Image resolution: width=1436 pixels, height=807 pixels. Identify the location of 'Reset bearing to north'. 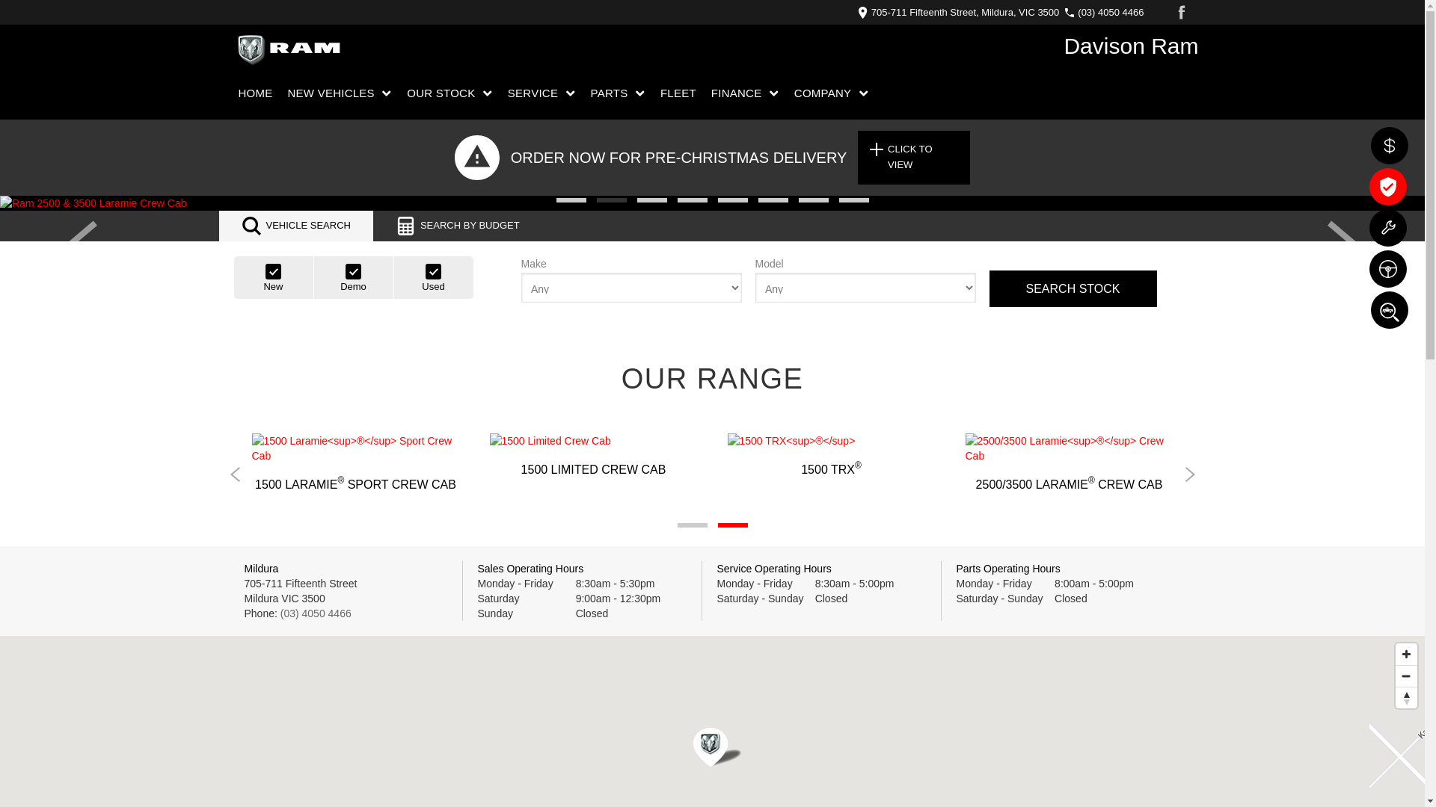
(1405, 697).